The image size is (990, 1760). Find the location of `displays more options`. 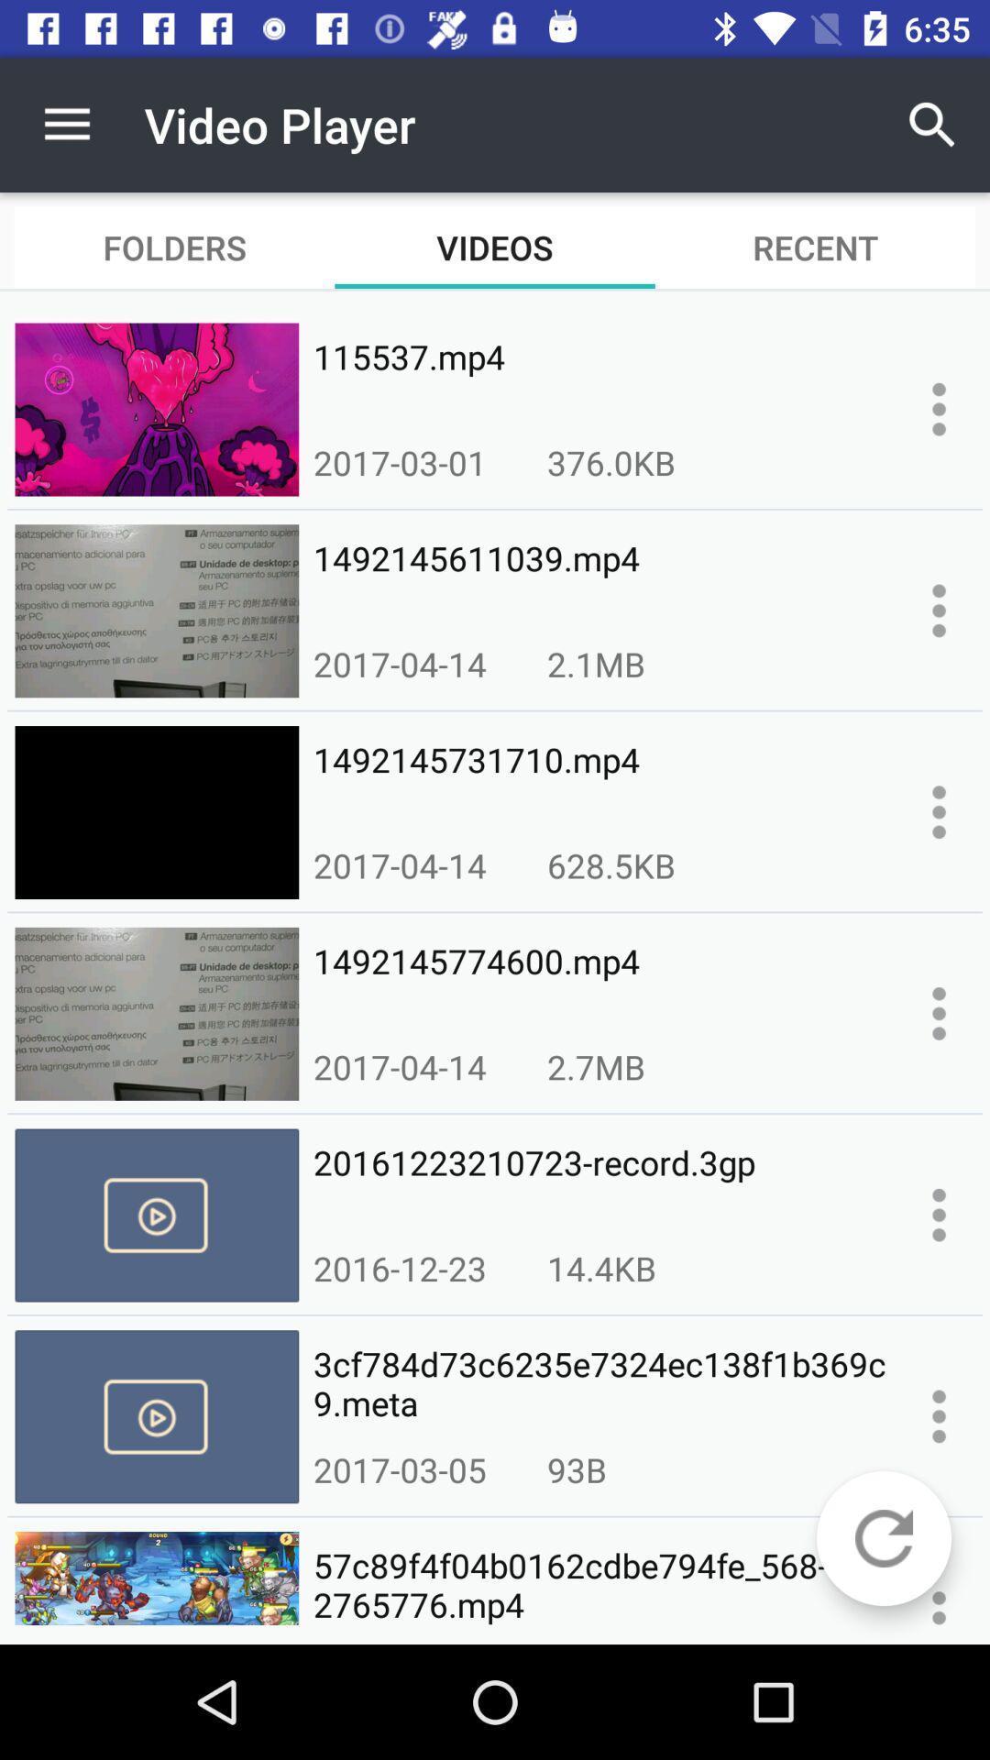

displays more options is located at coordinates (939, 408).